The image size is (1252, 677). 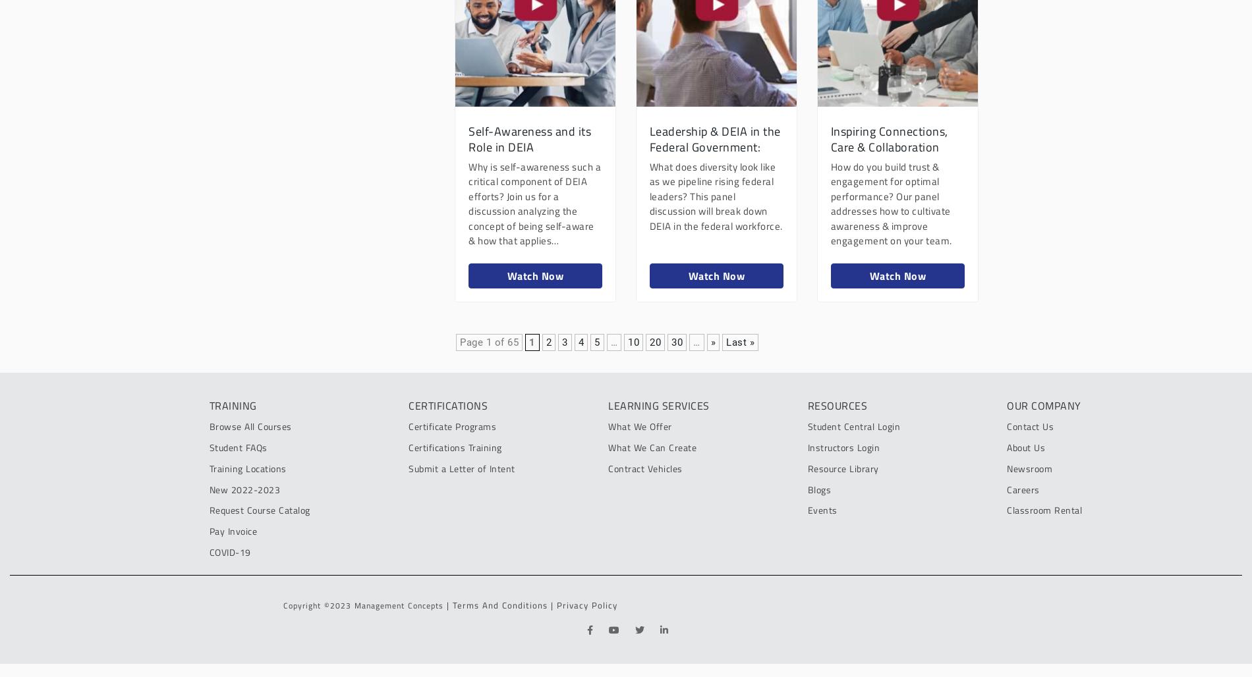 What do you see at coordinates (448, 404) in the screenshot?
I see `'Certifications'` at bounding box center [448, 404].